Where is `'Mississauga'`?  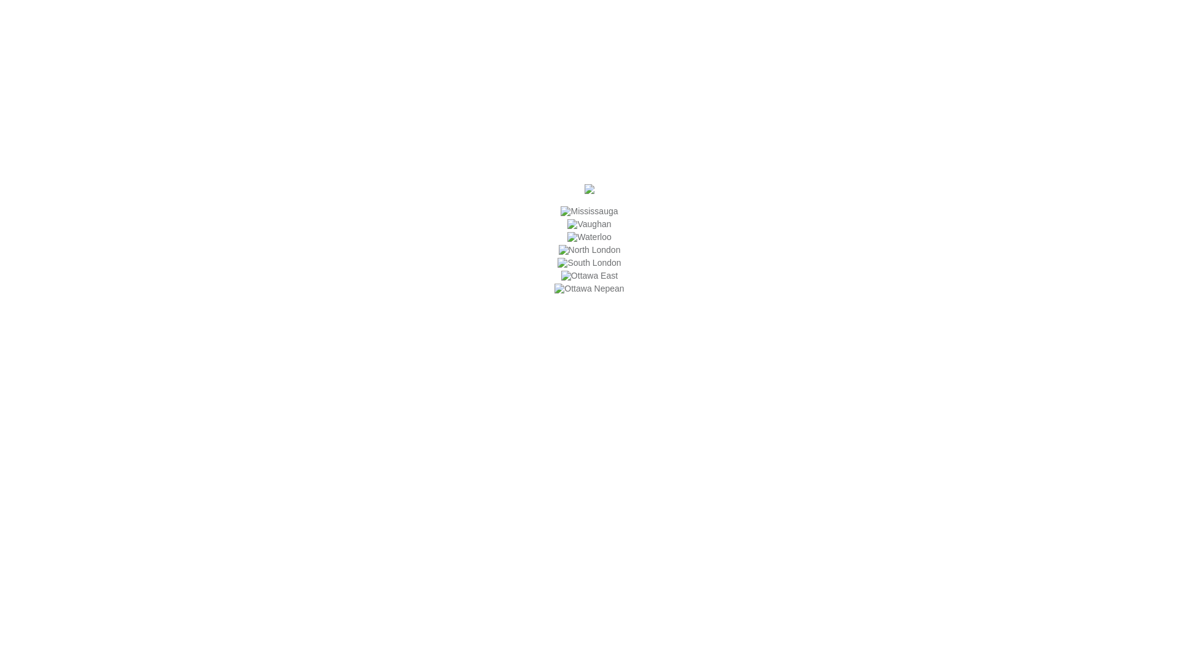 'Mississauga' is located at coordinates (588, 210).